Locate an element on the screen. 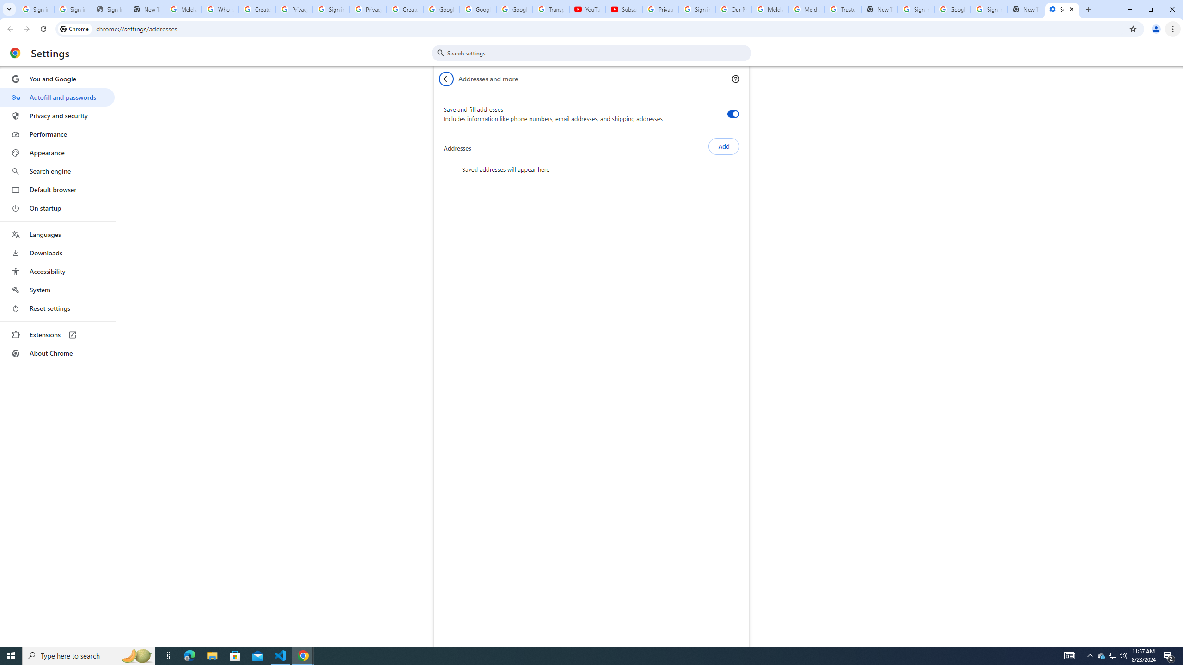 This screenshot has width=1183, height=665. 'New Tab' is located at coordinates (1025, 9).